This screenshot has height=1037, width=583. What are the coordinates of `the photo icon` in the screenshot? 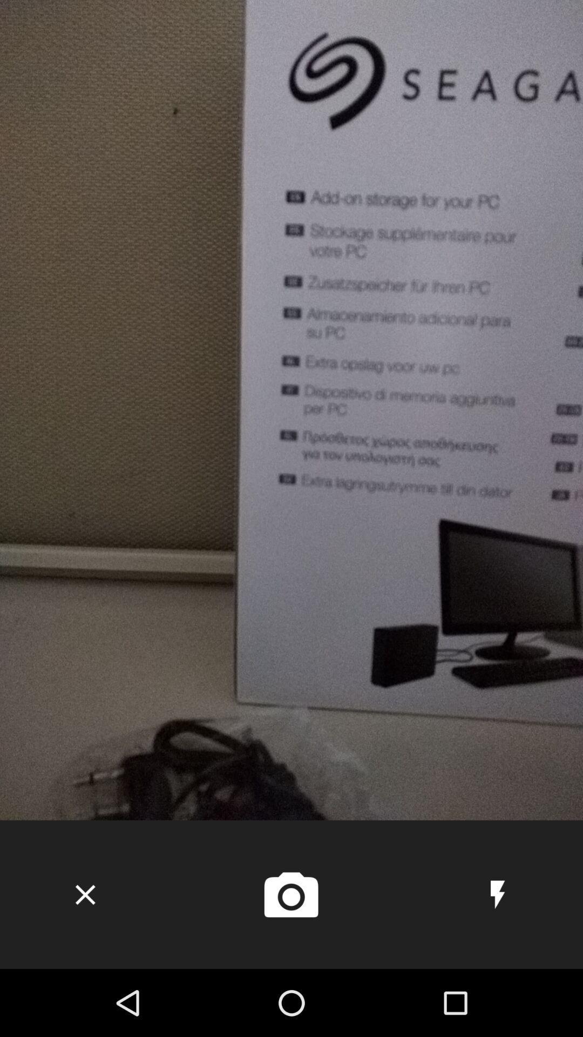 It's located at (290, 894).